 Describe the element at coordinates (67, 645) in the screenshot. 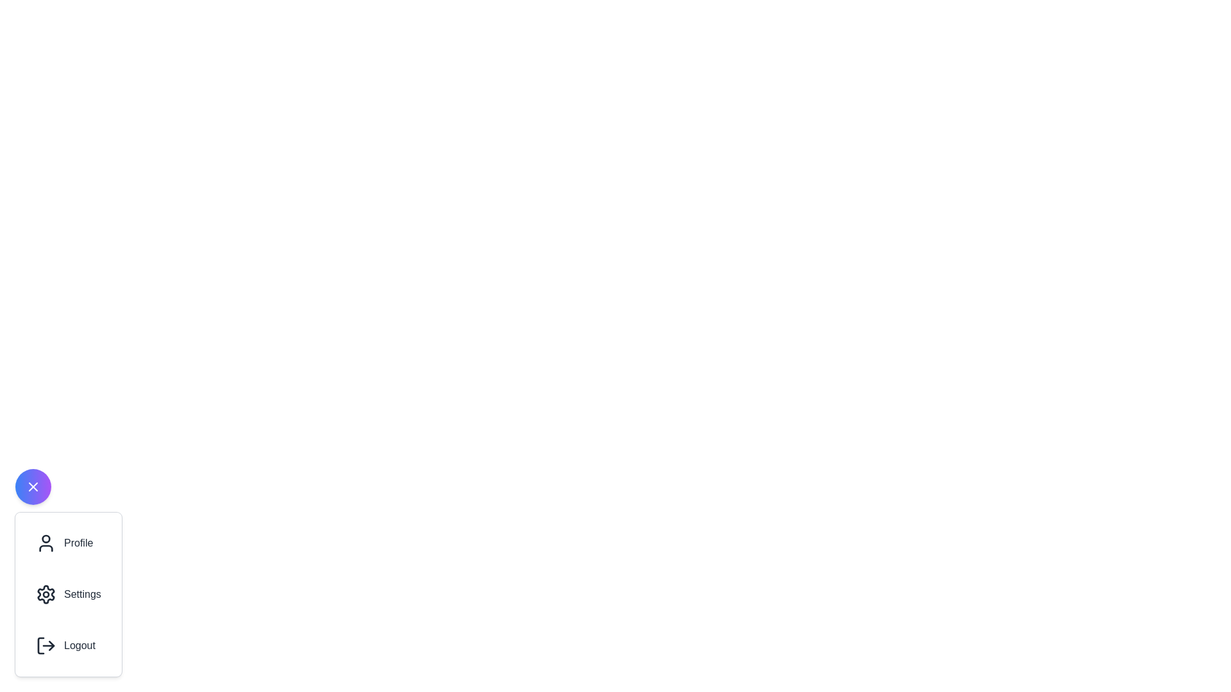

I see `the 'Logout' button in the speed dial menu` at that location.